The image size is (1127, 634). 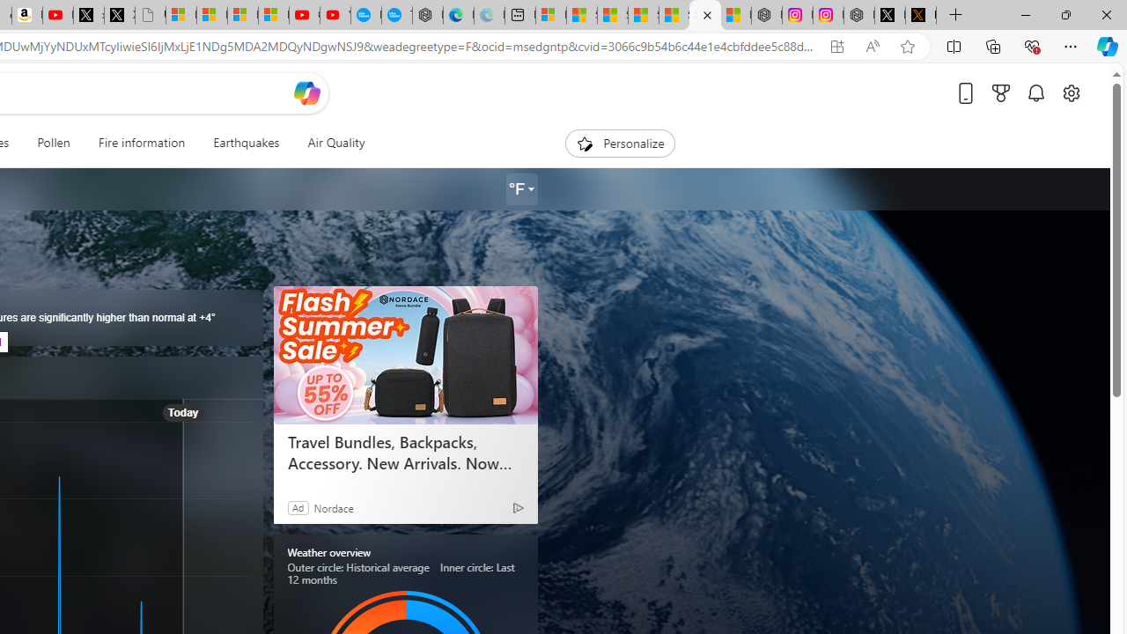 What do you see at coordinates (620, 143) in the screenshot?
I see `'Personalize'` at bounding box center [620, 143].